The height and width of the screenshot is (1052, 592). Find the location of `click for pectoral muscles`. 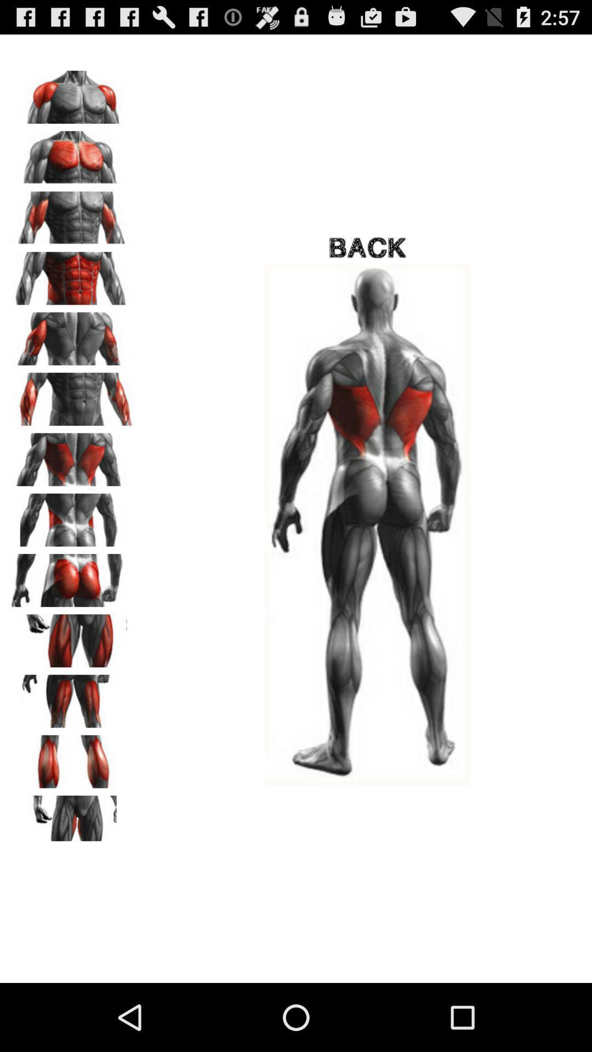

click for pectoral muscles is located at coordinates (72, 153).